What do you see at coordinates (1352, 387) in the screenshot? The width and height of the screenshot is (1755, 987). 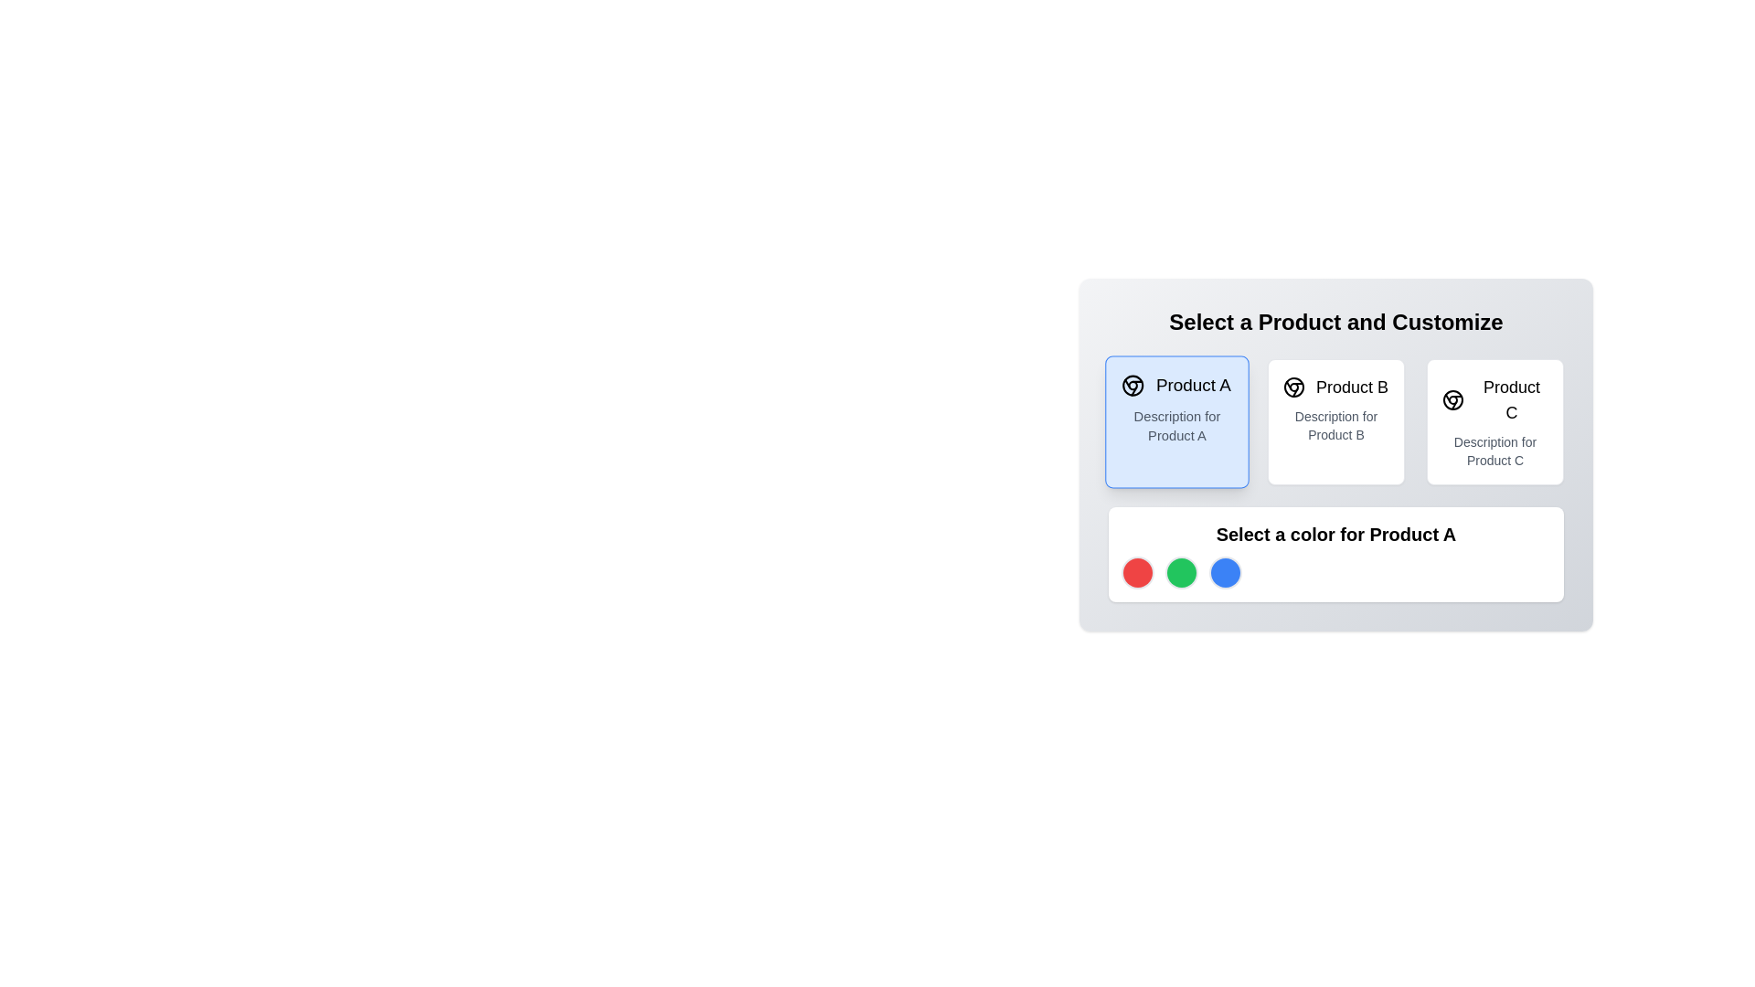 I see `the bold text label 'Product B' located in the second column of the product selection interface` at bounding box center [1352, 387].